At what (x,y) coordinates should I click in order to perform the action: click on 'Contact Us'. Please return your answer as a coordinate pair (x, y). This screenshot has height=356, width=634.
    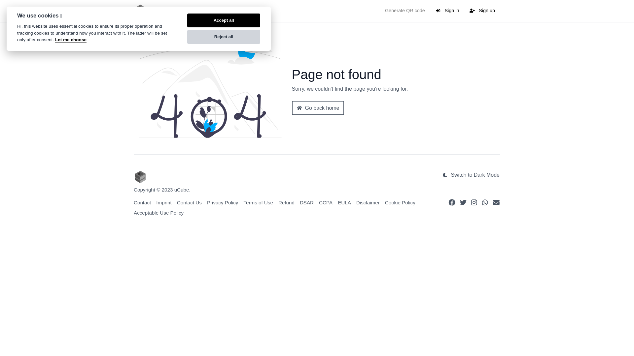
    Looking at the image, I should click on (189, 202).